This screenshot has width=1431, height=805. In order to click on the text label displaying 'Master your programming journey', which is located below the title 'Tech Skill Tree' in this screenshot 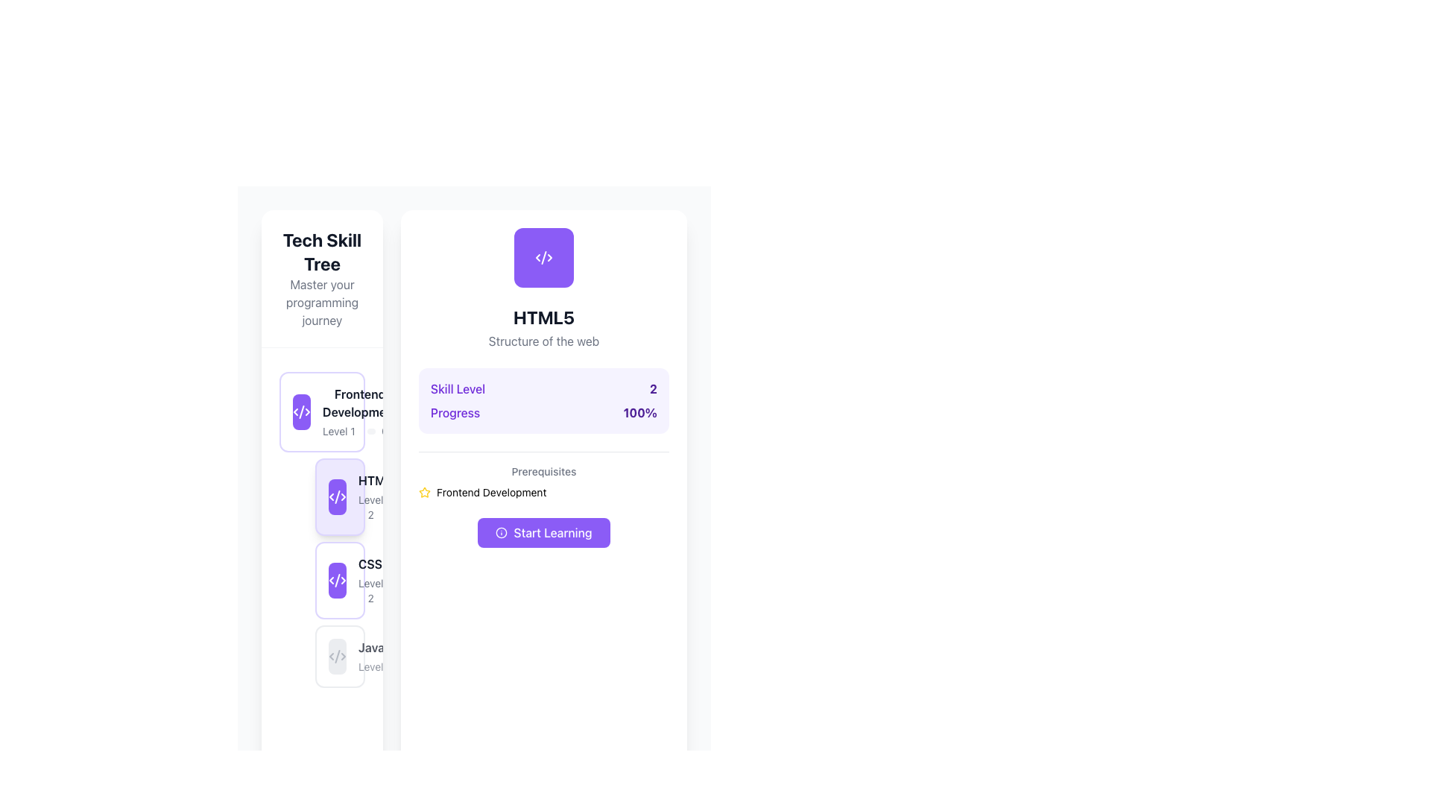, I will do `click(321, 302)`.